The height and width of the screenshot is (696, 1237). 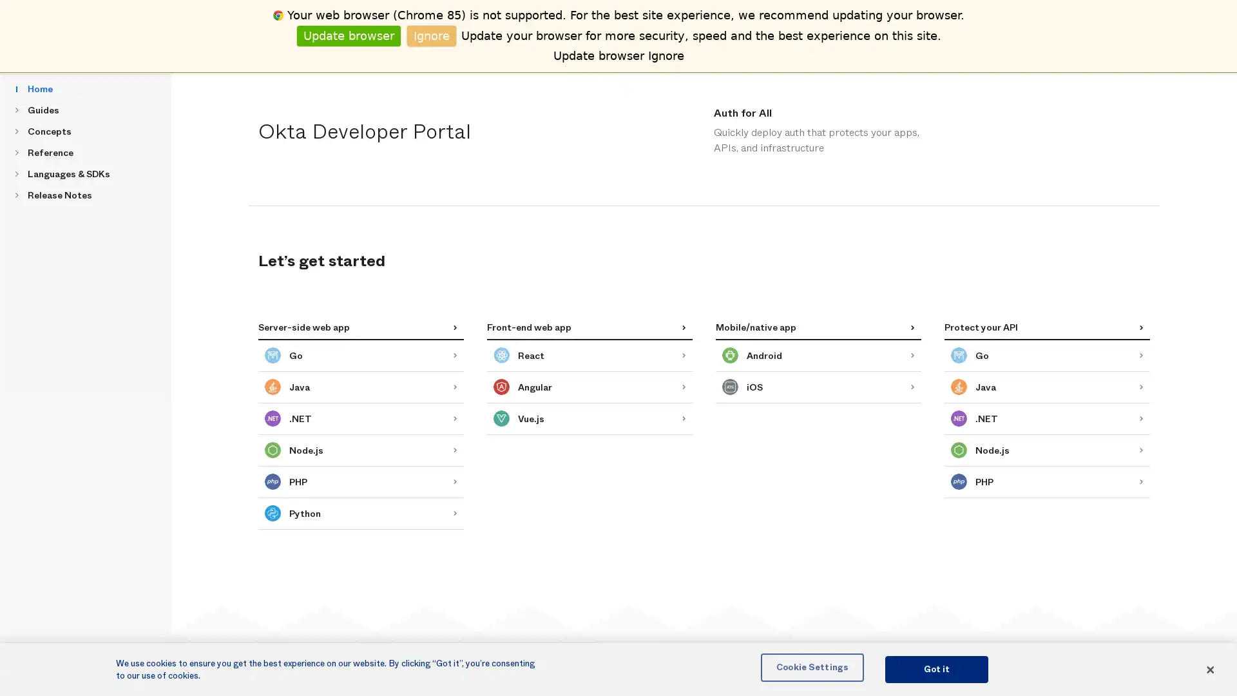 I want to click on Close, so click(x=1209, y=668).